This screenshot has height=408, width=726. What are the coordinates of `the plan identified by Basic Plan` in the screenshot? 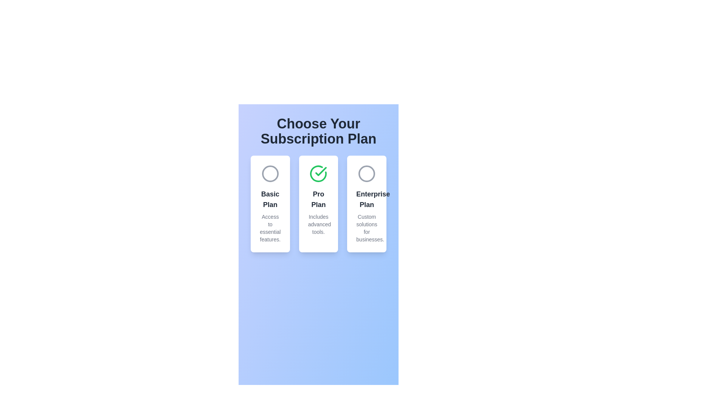 It's located at (270, 173).